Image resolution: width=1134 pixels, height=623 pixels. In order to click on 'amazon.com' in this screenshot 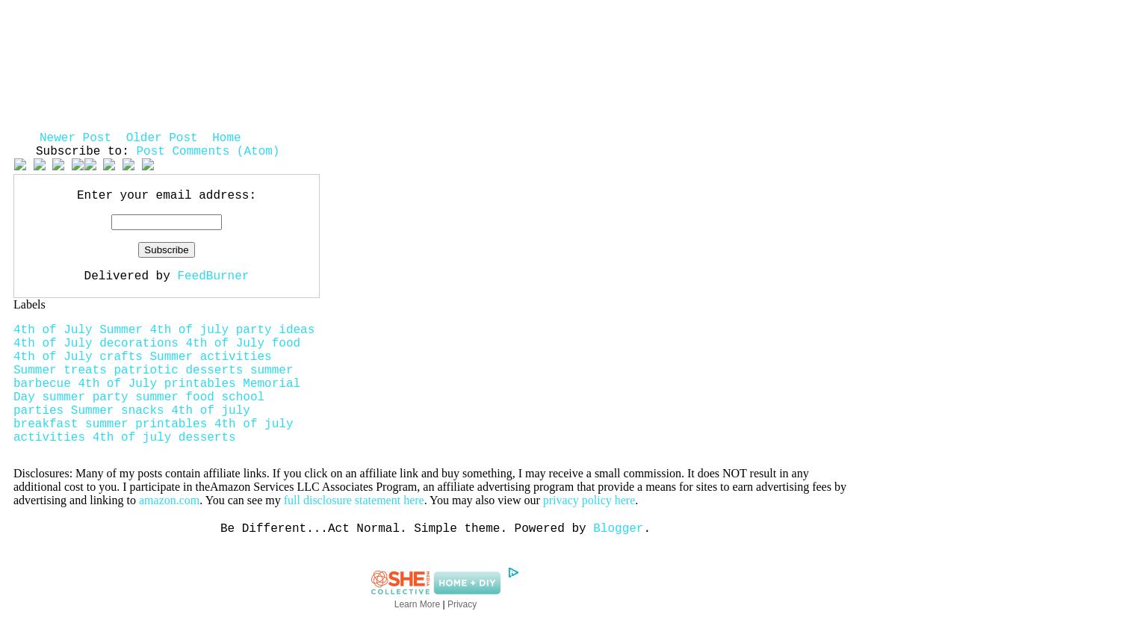, I will do `click(169, 499)`.